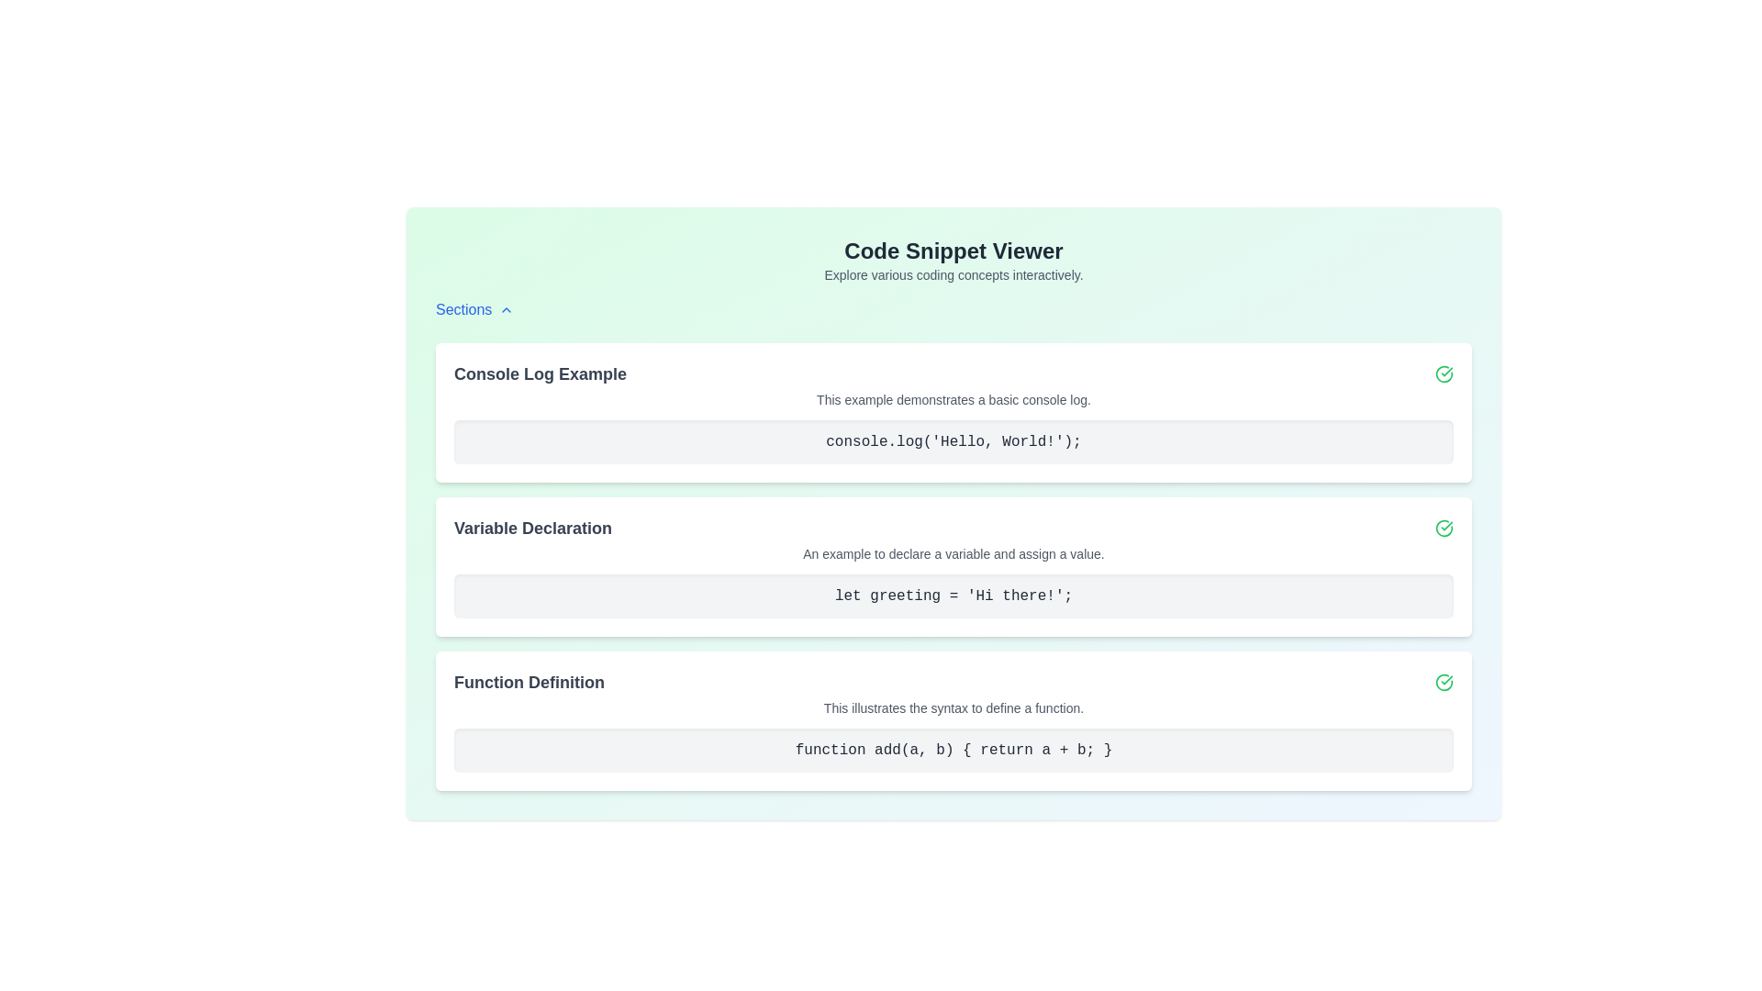 This screenshot has width=1762, height=991. What do you see at coordinates (953, 275) in the screenshot?
I see `the static text element that provides descriptive context beneath the 'Code Snippet Viewer' heading` at bounding box center [953, 275].